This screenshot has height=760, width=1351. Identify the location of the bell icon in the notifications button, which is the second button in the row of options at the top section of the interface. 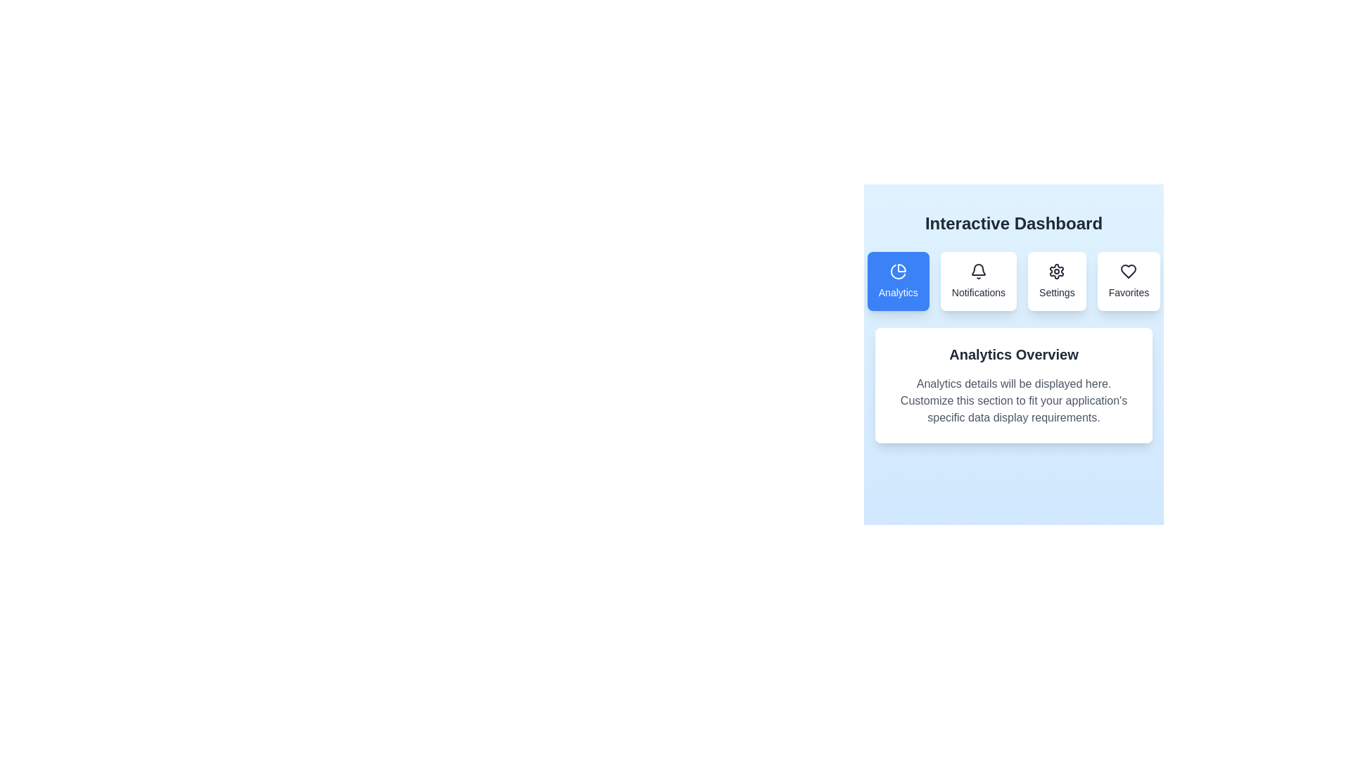
(977, 271).